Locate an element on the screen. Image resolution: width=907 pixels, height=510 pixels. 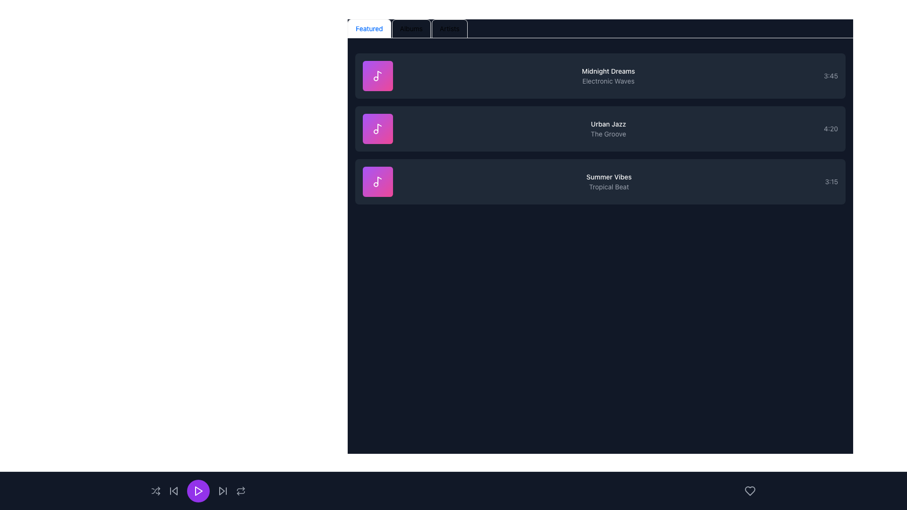
the music note icon is located at coordinates (378, 182).